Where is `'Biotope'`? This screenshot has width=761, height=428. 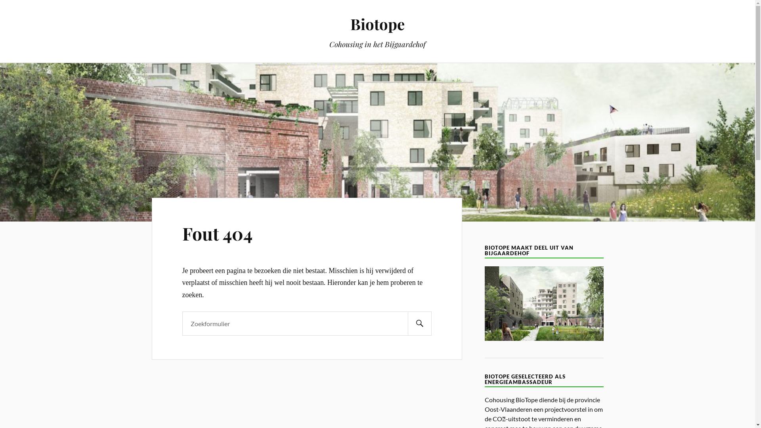
'Biotope' is located at coordinates (377, 23).